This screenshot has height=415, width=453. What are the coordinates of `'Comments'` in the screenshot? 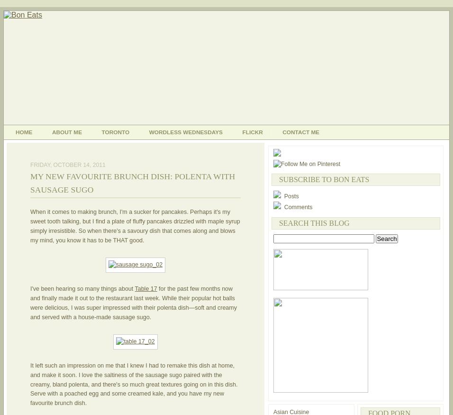 It's located at (281, 206).